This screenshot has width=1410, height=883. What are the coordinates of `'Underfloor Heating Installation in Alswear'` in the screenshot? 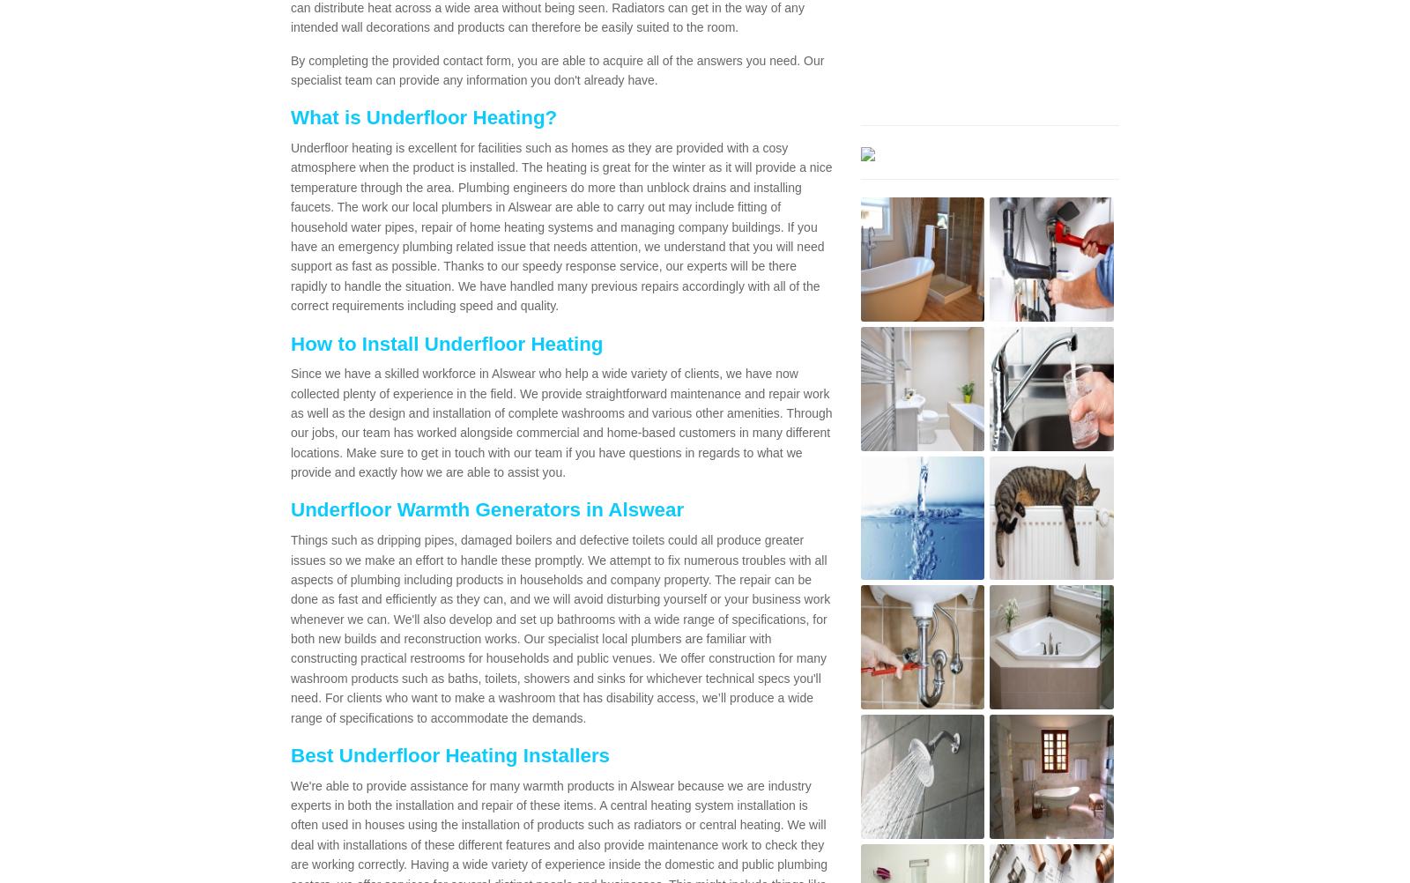 It's located at (544, 244).